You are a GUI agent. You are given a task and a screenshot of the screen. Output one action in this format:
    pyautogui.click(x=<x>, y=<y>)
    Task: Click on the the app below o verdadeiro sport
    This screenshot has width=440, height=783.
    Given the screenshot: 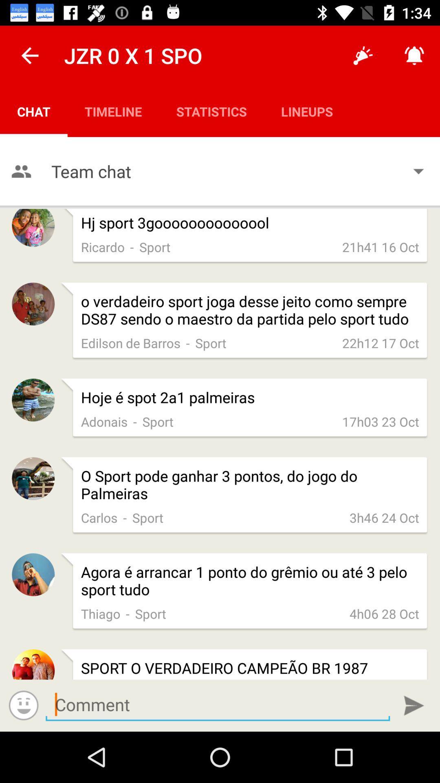 What is the action you would take?
    pyautogui.click(x=381, y=343)
    